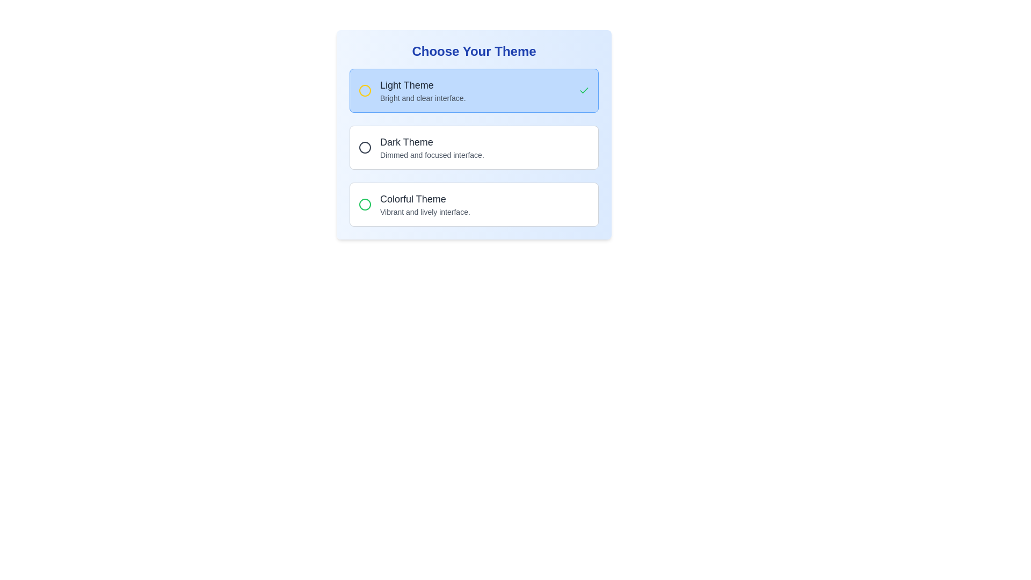 The image size is (1031, 580). I want to click on the yellow icon located to the left of the 'Light Theme' text within the 'Choose Your Theme' section, which serves as an indicator for theme selection, so click(365, 90).